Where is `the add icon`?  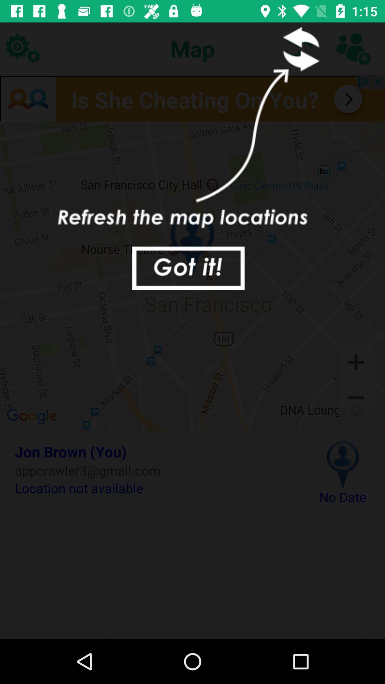 the add icon is located at coordinates (356, 361).